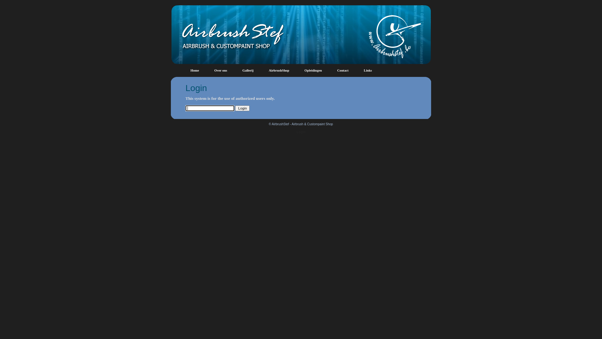 Image resolution: width=602 pixels, height=339 pixels. What do you see at coordinates (342, 70) in the screenshot?
I see `'Contact'` at bounding box center [342, 70].